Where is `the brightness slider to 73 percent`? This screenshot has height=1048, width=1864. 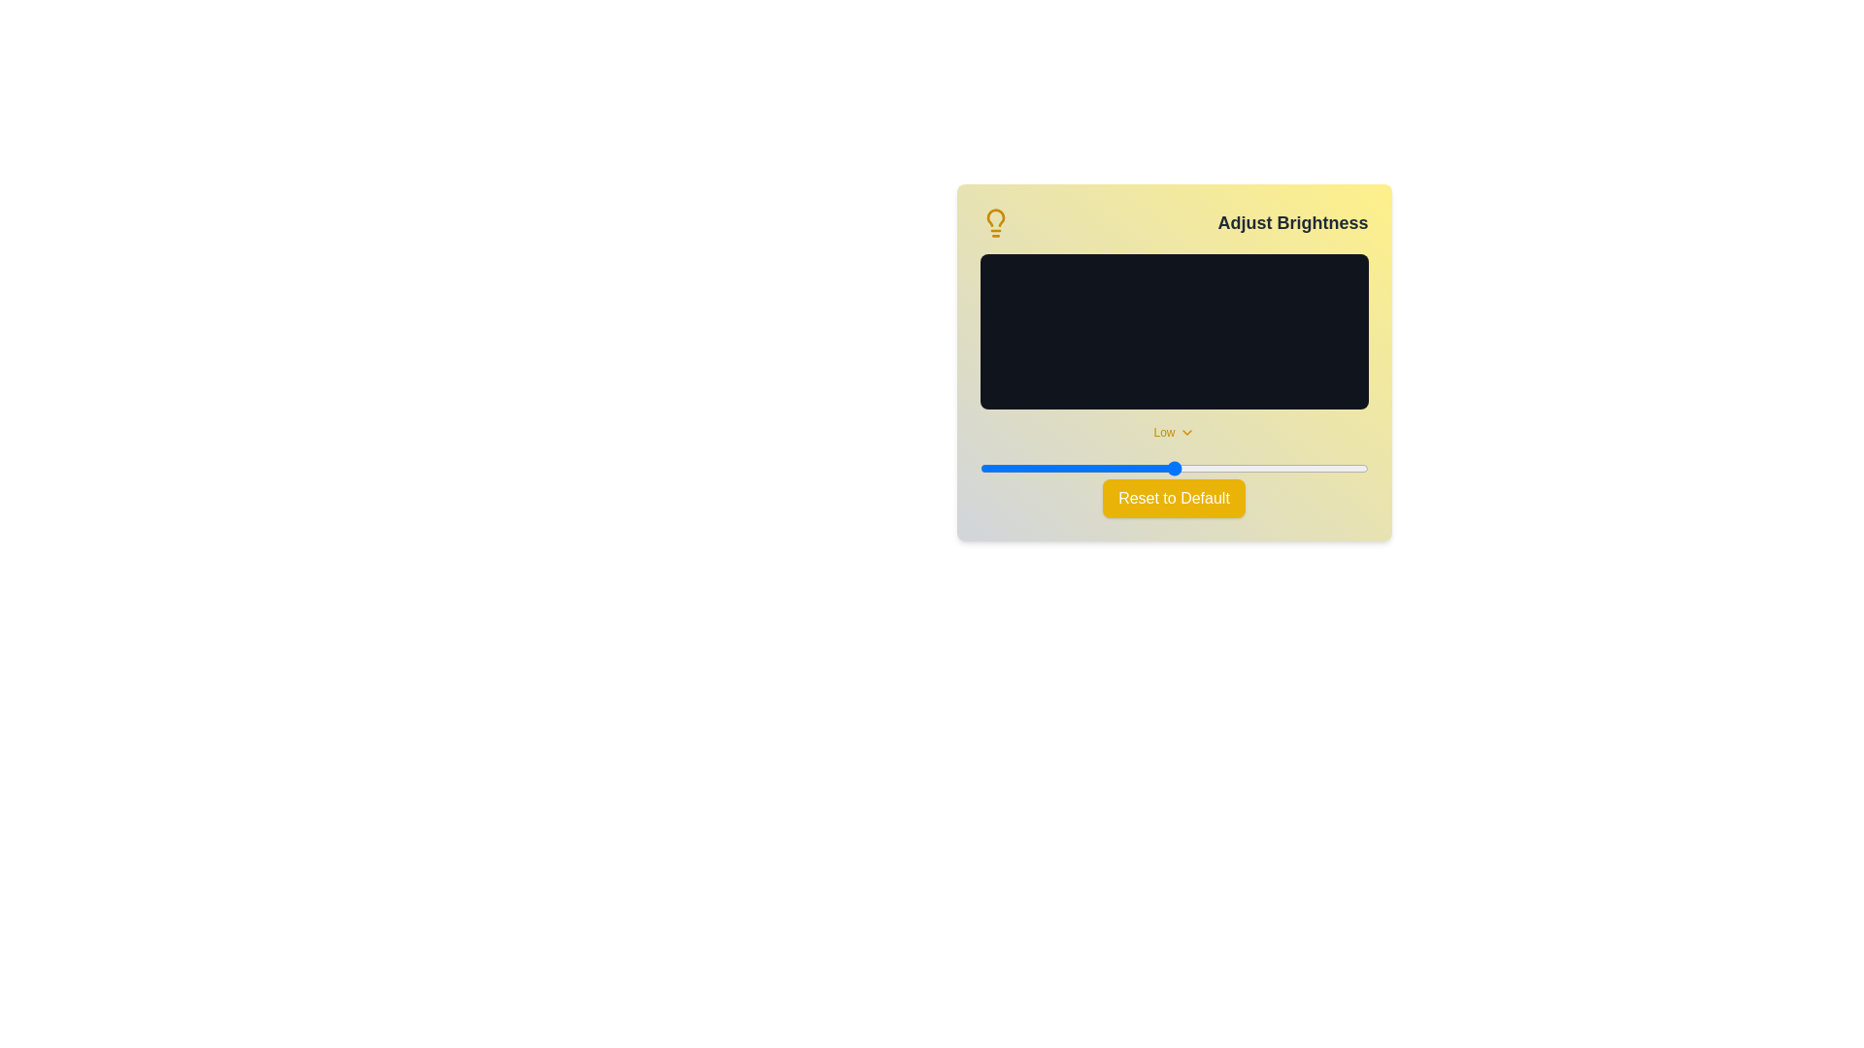 the brightness slider to 73 percent is located at coordinates (1263, 468).